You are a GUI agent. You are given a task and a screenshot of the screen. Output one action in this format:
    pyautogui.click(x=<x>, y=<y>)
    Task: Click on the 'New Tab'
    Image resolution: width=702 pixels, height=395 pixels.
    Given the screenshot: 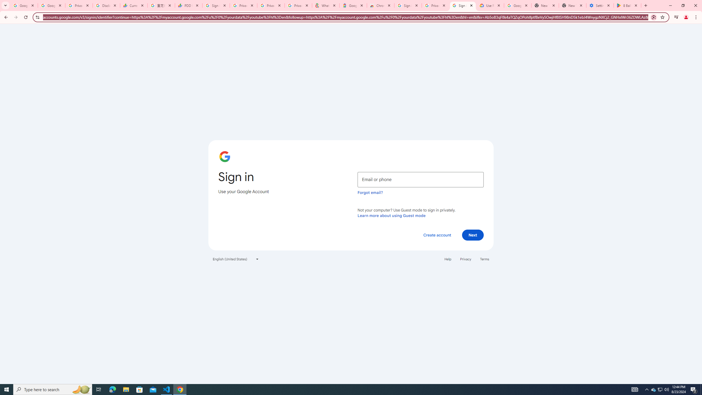 What is the action you would take?
    pyautogui.click(x=572, y=5)
    